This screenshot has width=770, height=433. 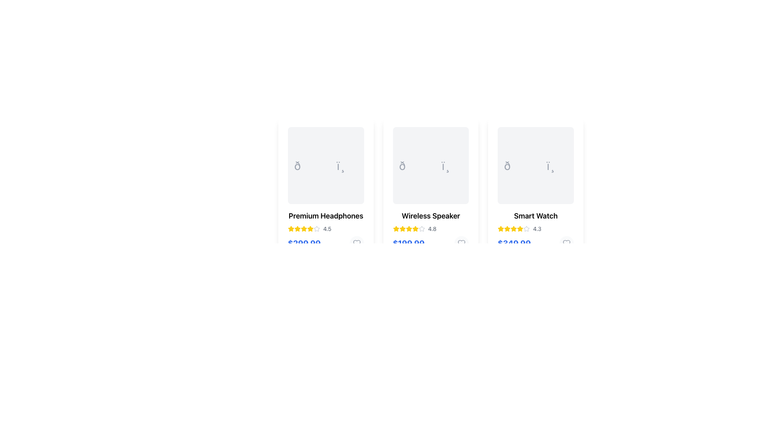 What do you see at coordinates (514, 229) in the screenshot?
I see `the third star icon in the horizontal sequence of rating stars above the product rating value, which serves as a visual indicator for the product's rating status` at bounding box center [514, 229].